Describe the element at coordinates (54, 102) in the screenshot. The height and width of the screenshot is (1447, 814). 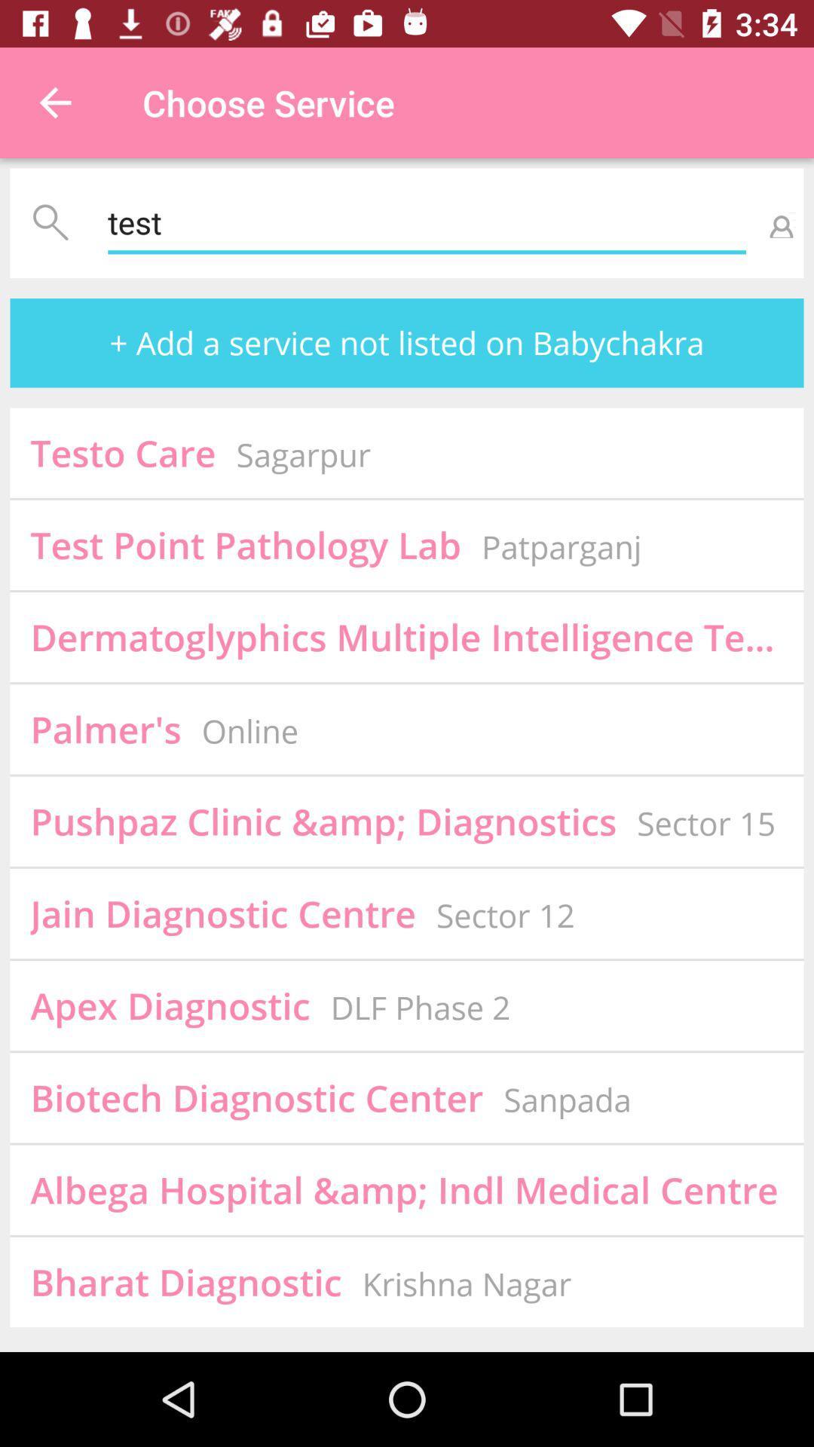
I see `icon to the left of the choose service` at that location.